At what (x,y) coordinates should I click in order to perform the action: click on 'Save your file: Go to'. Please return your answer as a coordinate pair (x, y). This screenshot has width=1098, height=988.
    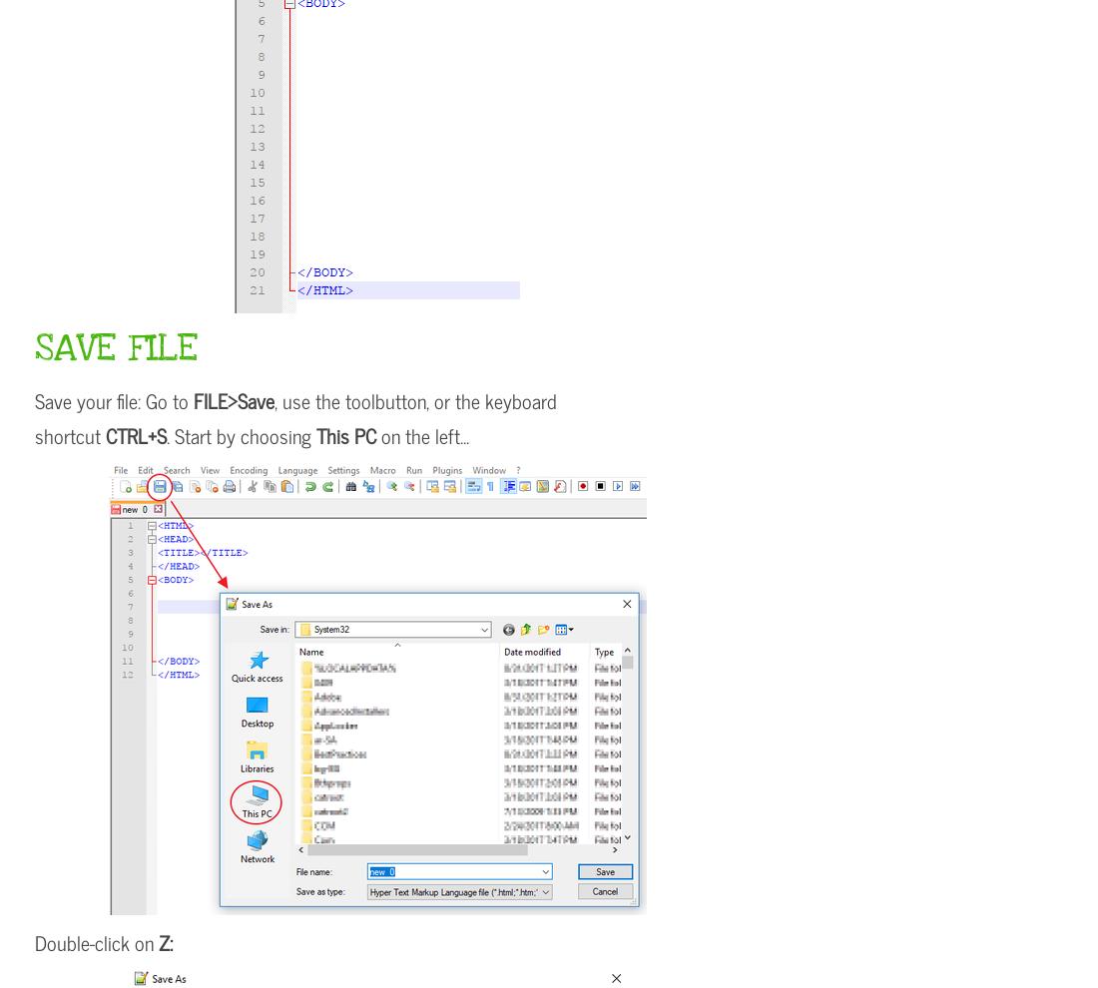
    Looking at the image, I should click on (114, 399).